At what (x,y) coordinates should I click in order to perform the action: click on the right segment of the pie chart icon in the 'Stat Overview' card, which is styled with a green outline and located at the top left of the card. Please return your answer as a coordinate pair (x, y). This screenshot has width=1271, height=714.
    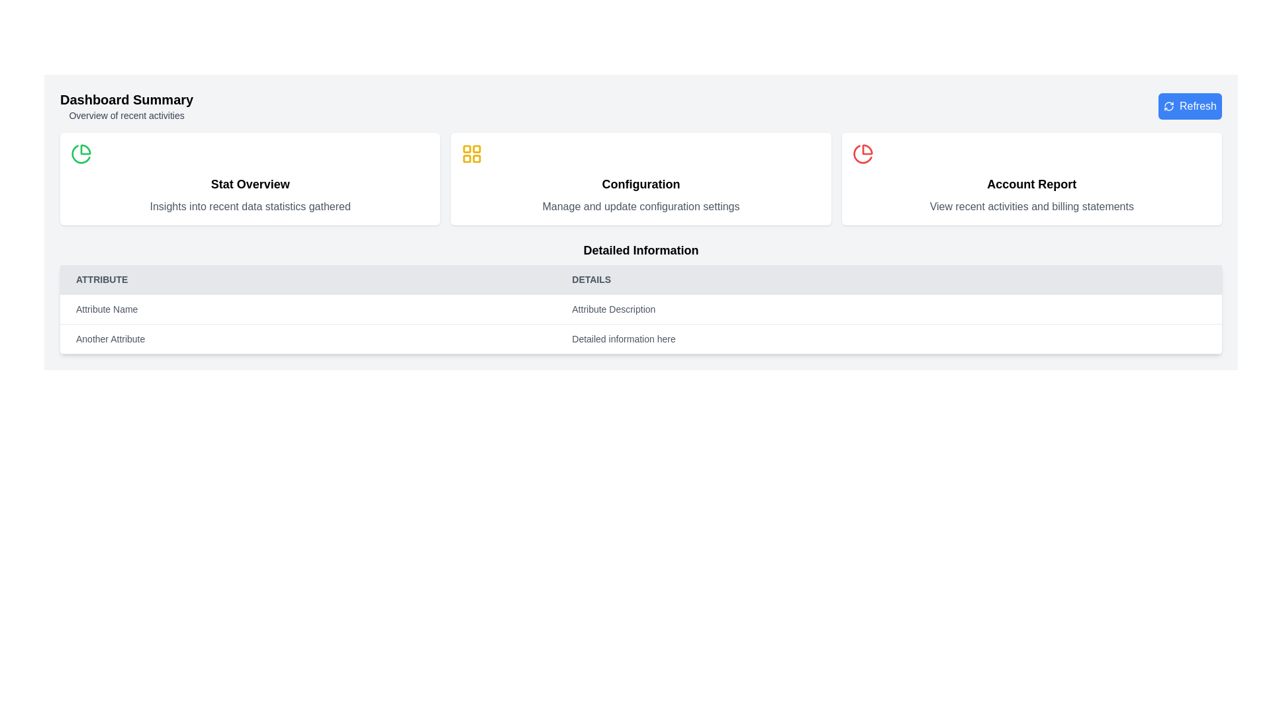
    Looking at the image, I should click on (85, 149).